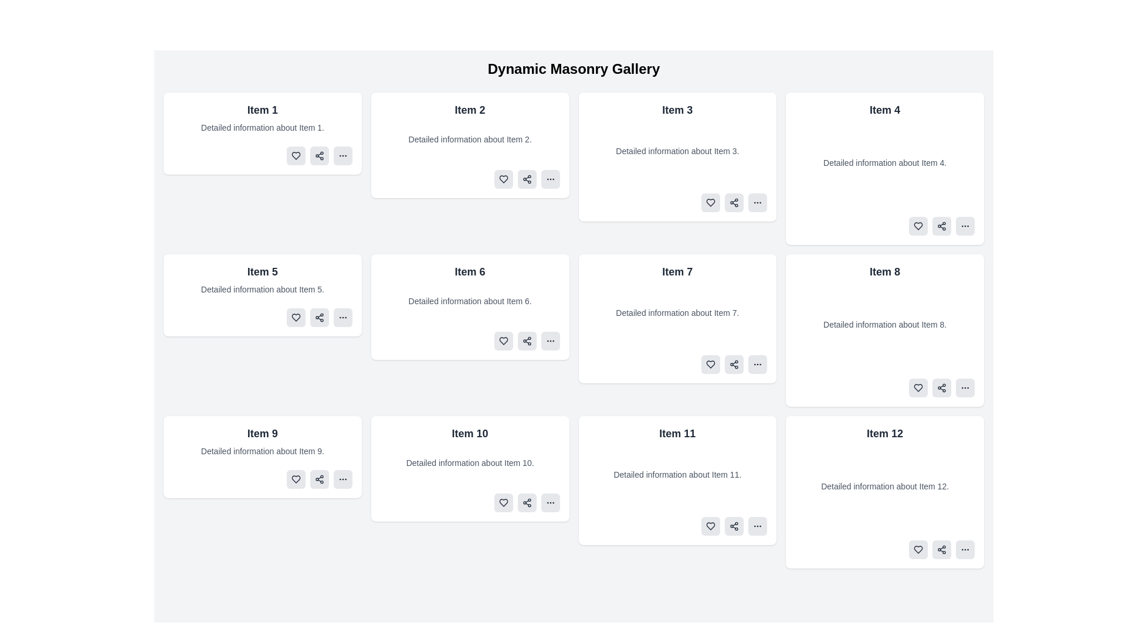  What do you see at coordinates (526, 502) in the screenshot?
I see `the 'Share' button with an embedded share icon located in the section for 'Item 10'` at bounding box center [526, 502].